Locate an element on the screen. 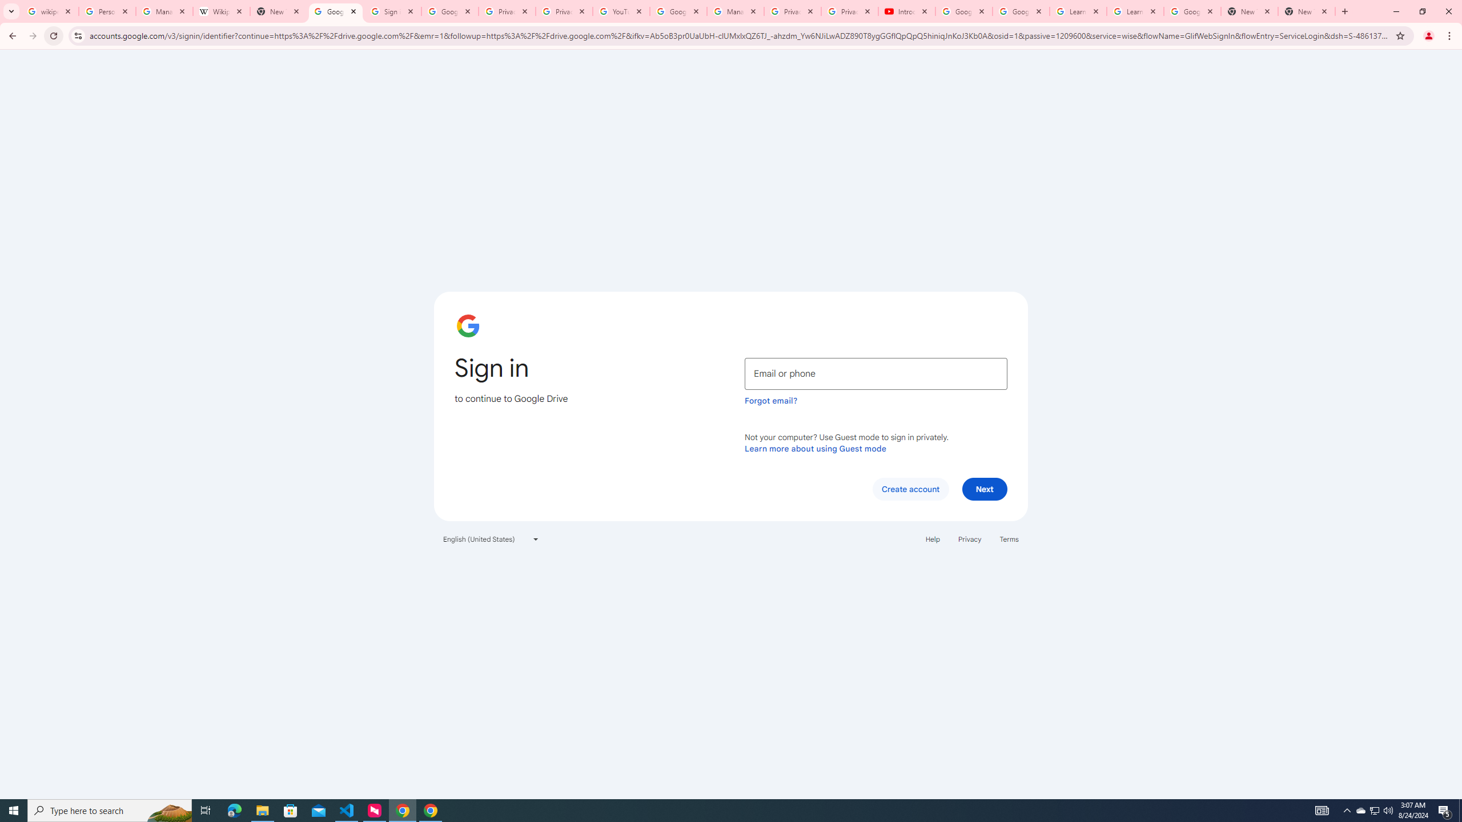 This screenshot has width=1462, height=822. 'Terms' is located at coordinates (1009, 538).